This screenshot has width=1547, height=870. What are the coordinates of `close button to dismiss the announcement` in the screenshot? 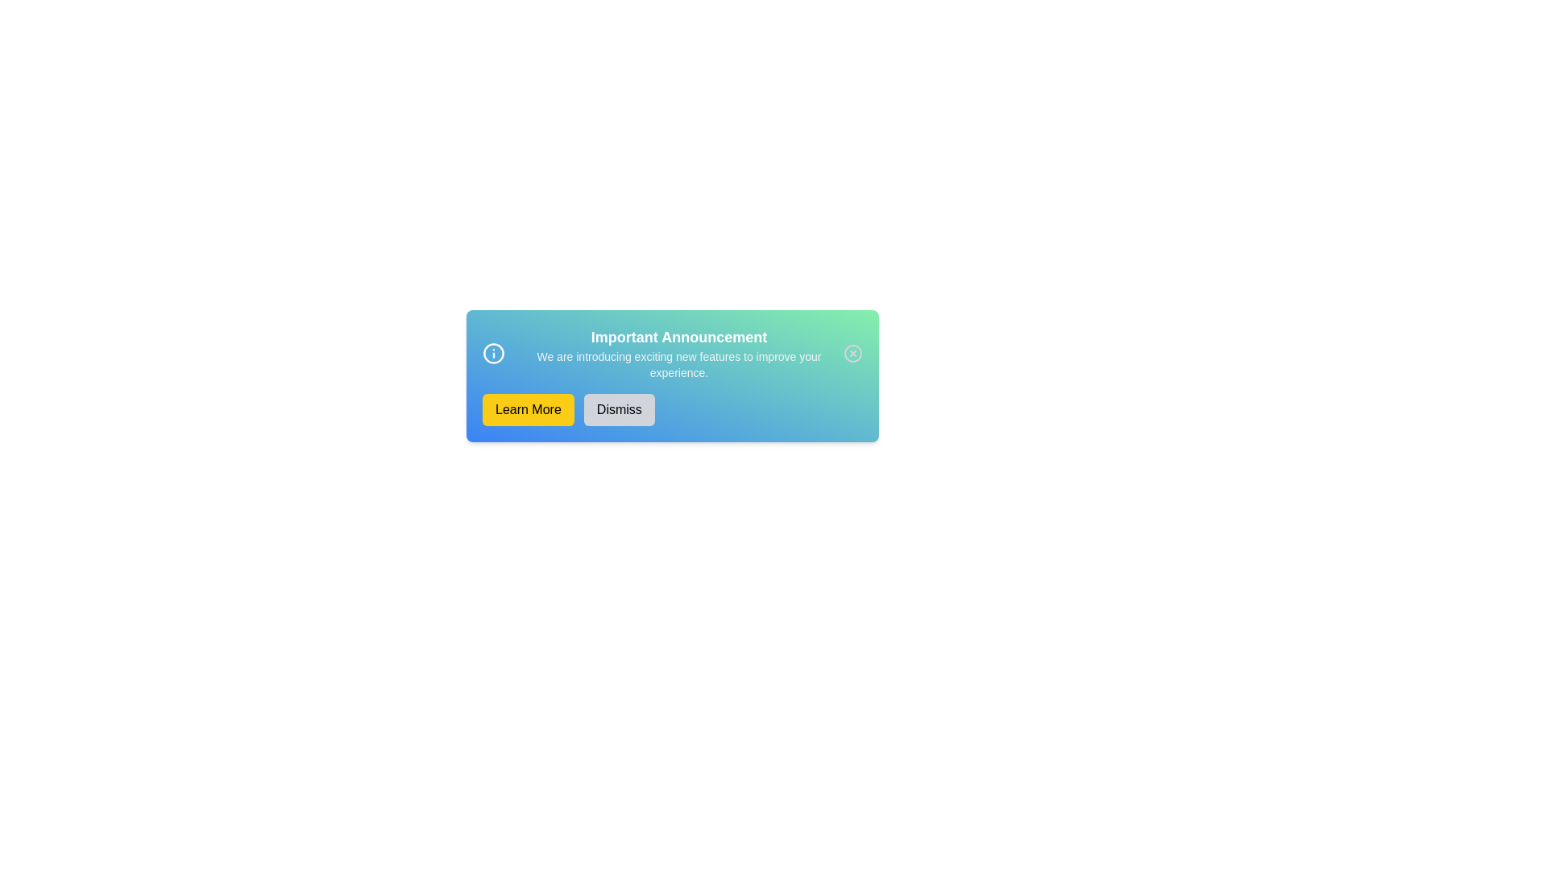 It's located at (852, 353).